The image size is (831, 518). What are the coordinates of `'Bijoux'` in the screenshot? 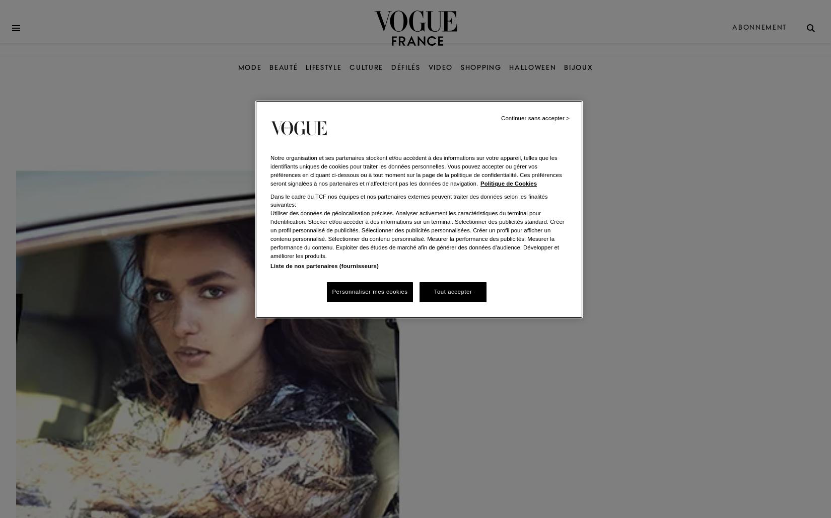 It's located at (578, 67).